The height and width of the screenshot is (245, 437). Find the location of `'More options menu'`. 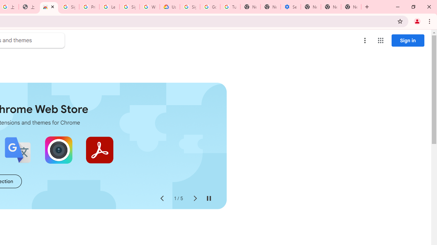

'More options menu' is located at coordinates (365, 40).